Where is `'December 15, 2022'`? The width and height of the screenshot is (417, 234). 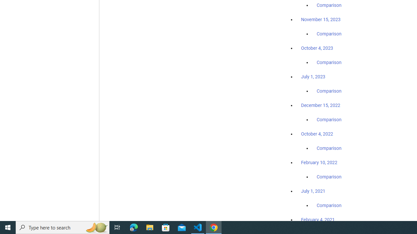 'December 15, 2022' is located at coordinates (321, 105).